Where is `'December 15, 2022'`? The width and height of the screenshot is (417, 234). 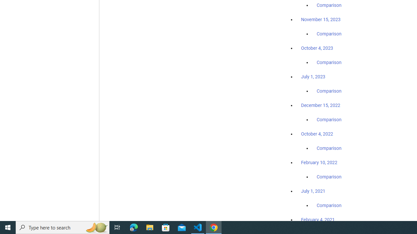 'December 15, 2022' is located at coordinates (321, 105).